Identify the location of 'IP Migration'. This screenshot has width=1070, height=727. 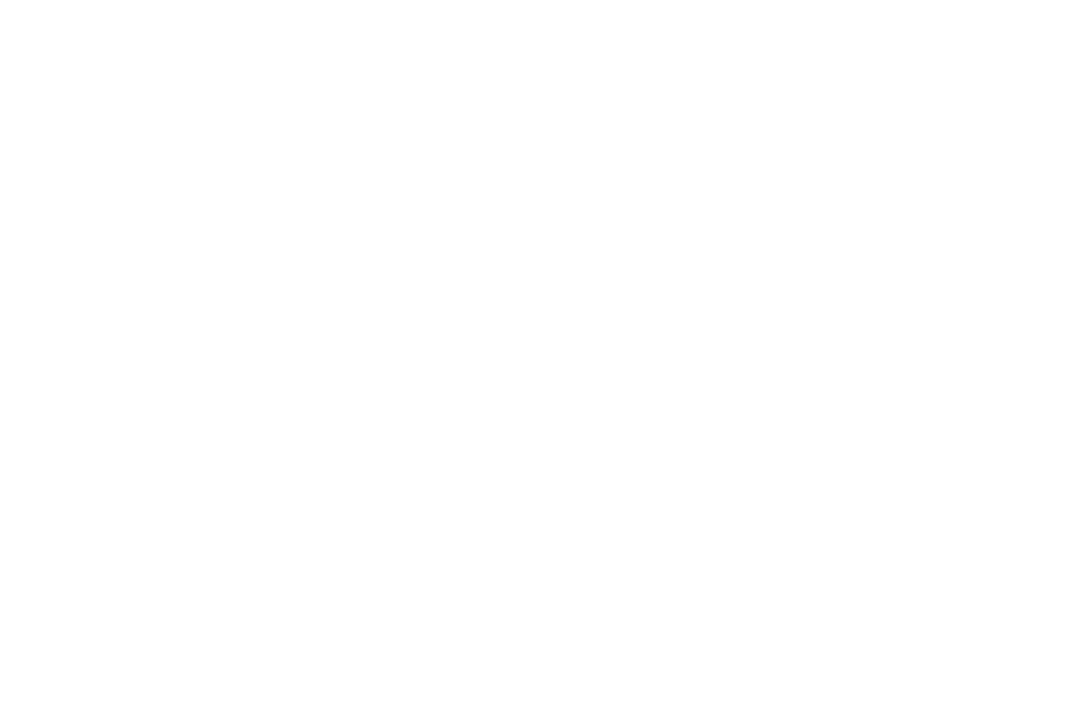
(468, 638).